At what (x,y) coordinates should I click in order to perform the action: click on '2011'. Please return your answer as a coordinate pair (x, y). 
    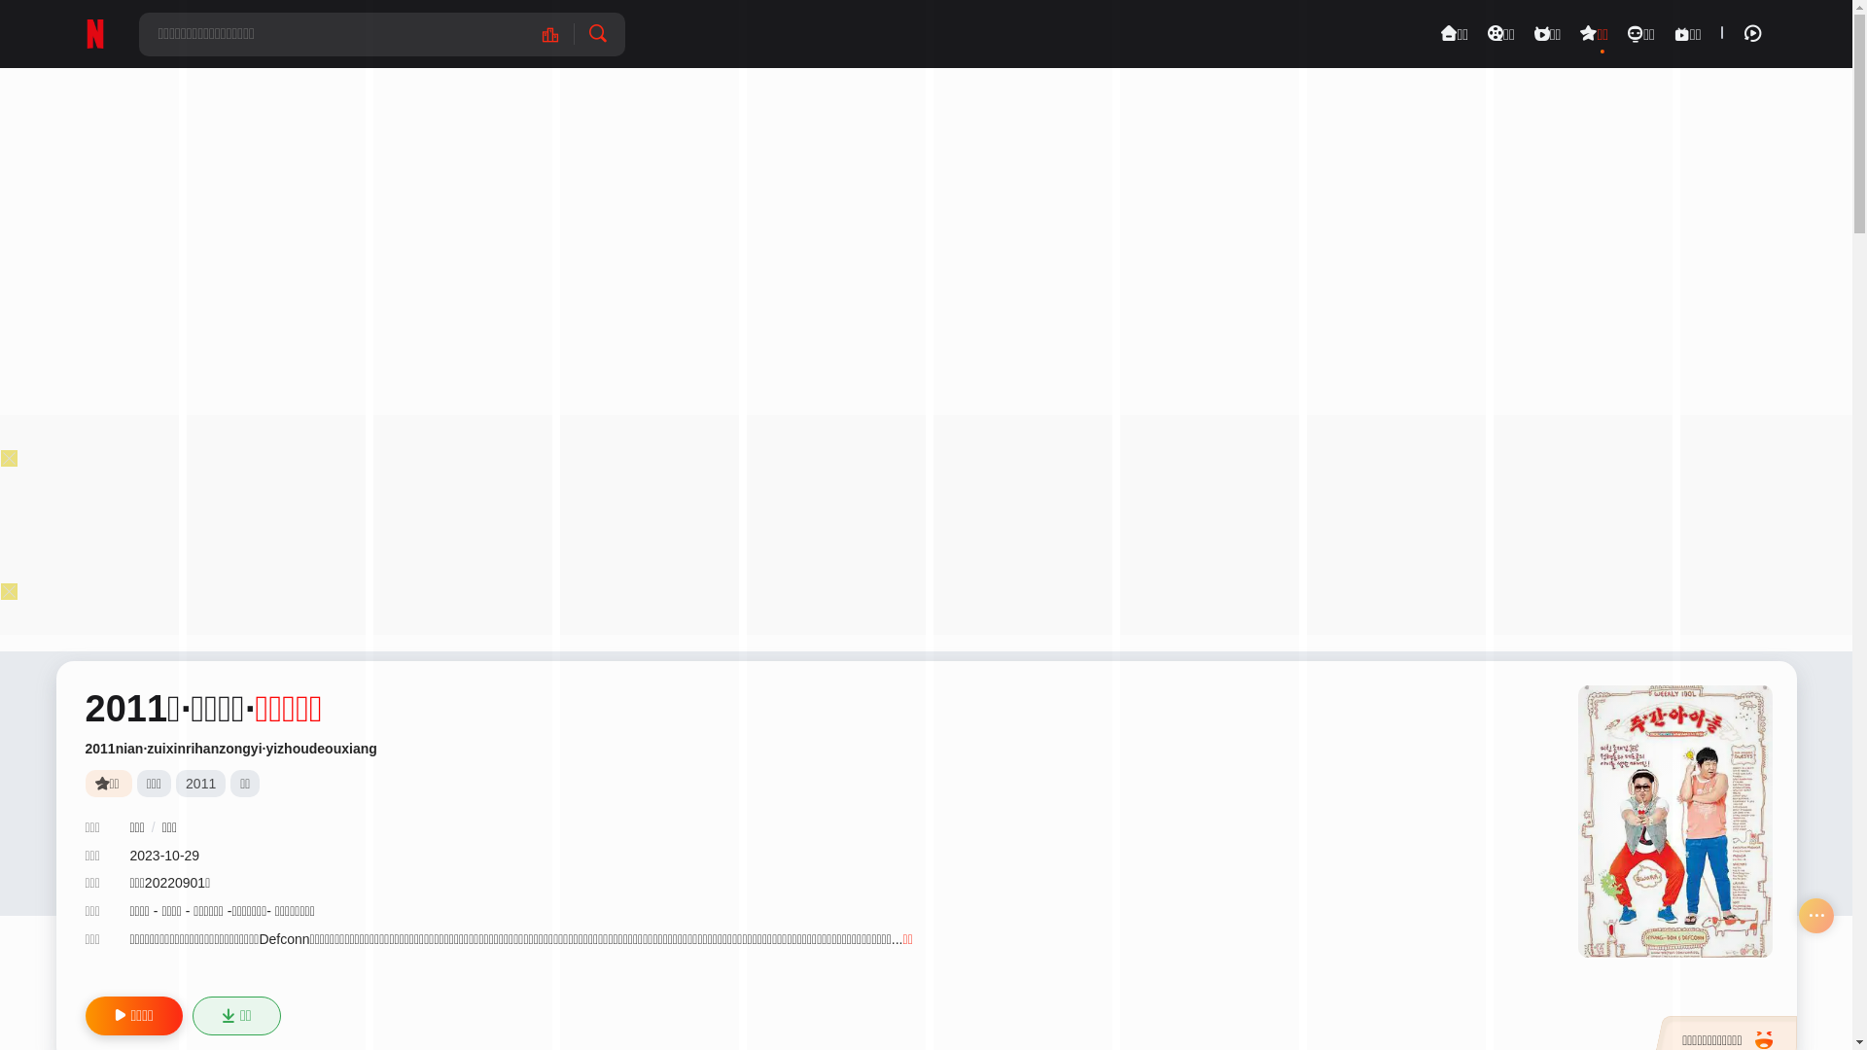
    Looking at the image, I should click on (200, 783).